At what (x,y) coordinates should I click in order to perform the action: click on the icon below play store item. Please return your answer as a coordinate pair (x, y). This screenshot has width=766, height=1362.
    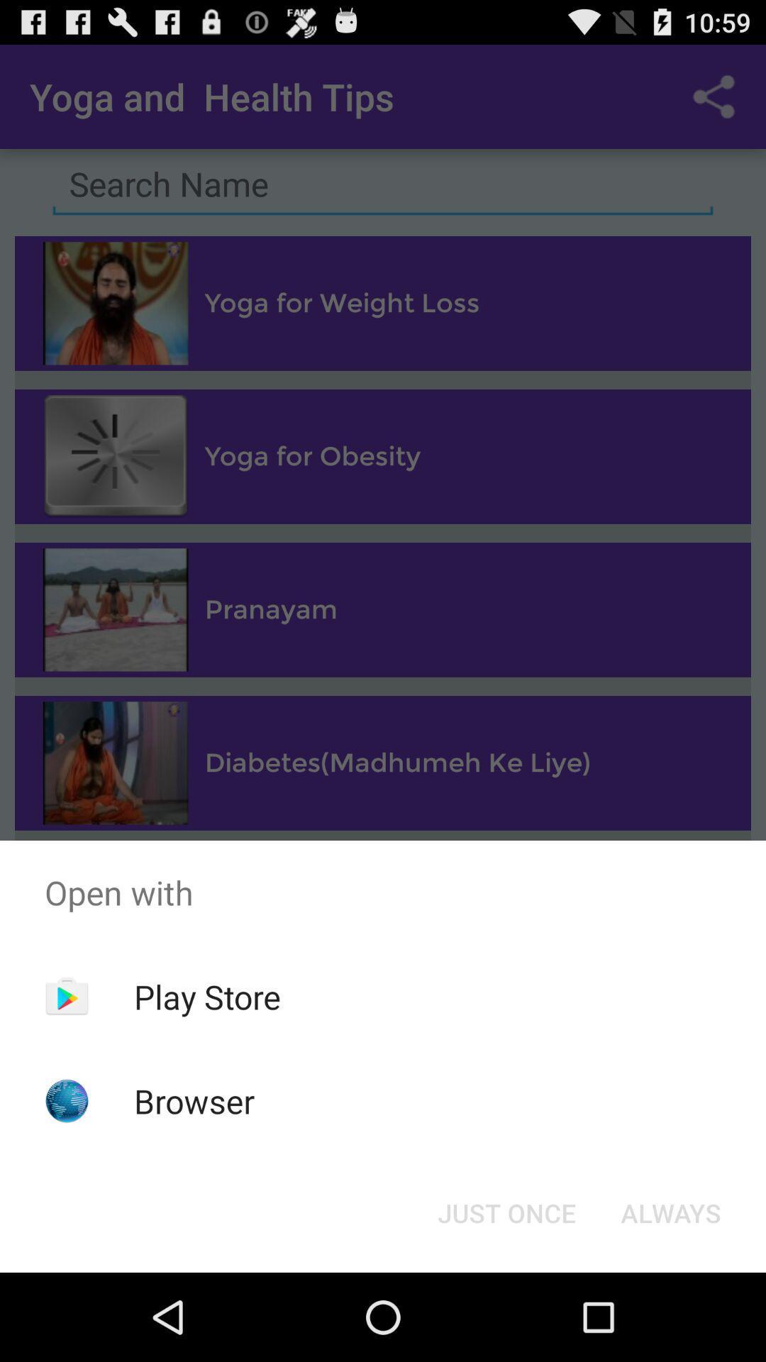
    Looking at the image, I should click on (194, 1100).